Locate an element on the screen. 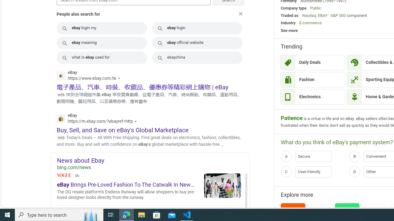  'Traded as' is located at coordinates (289, 15).